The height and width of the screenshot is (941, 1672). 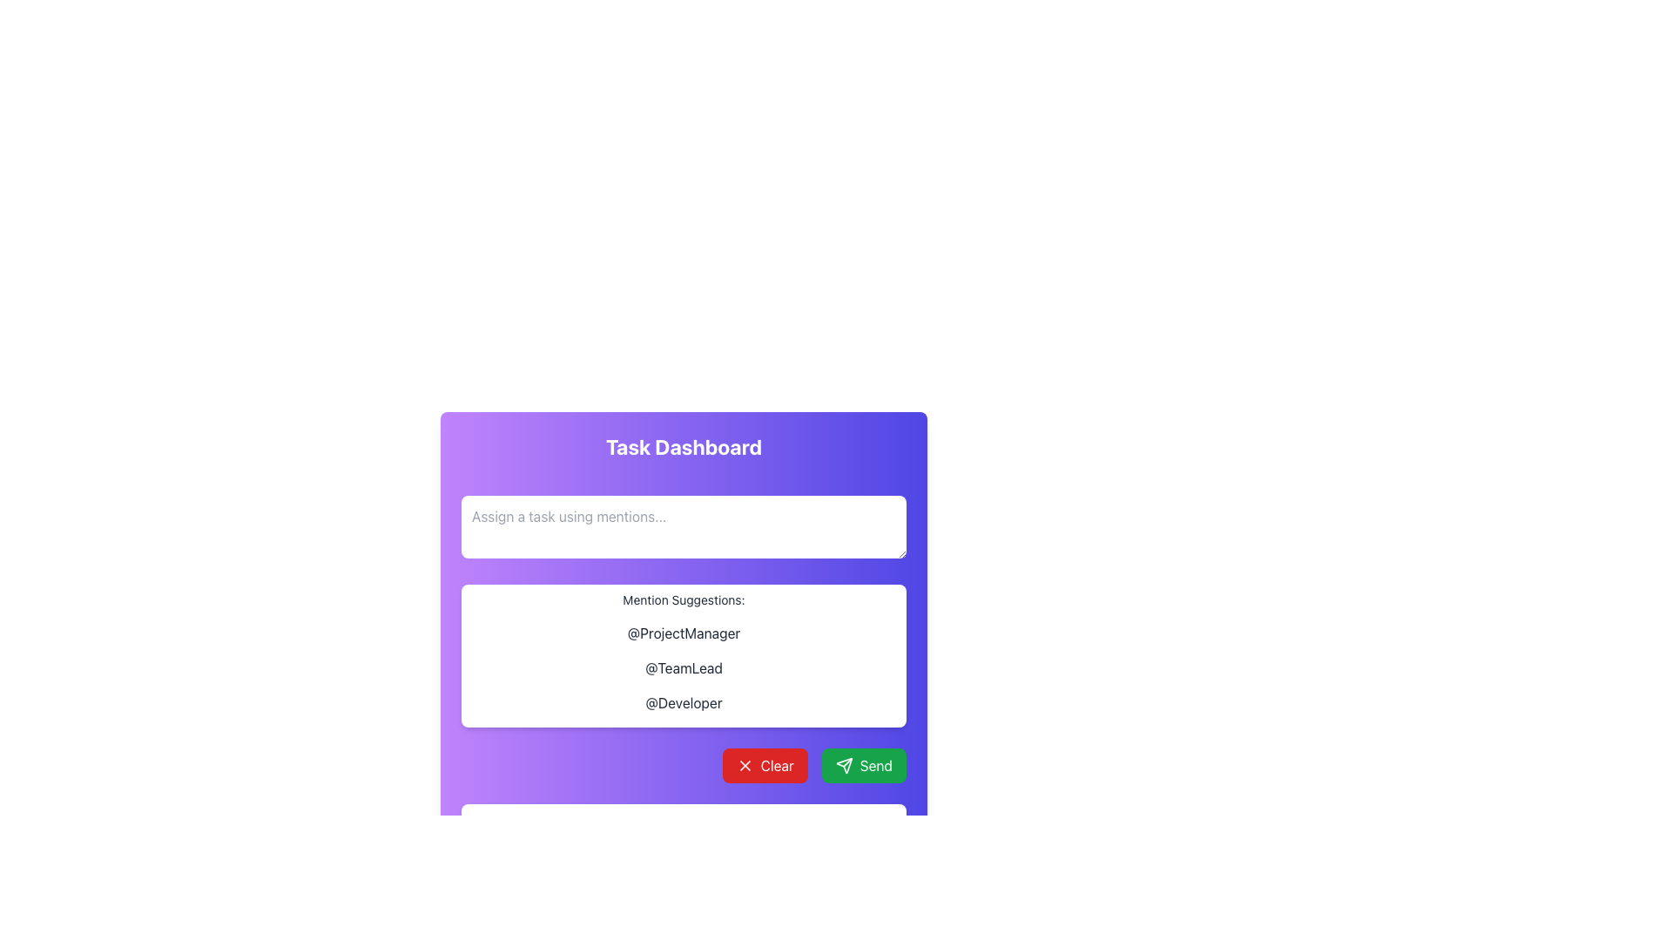 I want to click on the Static text header that reads 'Task Dashboard', which is styled in bold and large white text against a purple-to-indigo gradient background, located at the top of the task-related features section, so click(x=683, y=446).